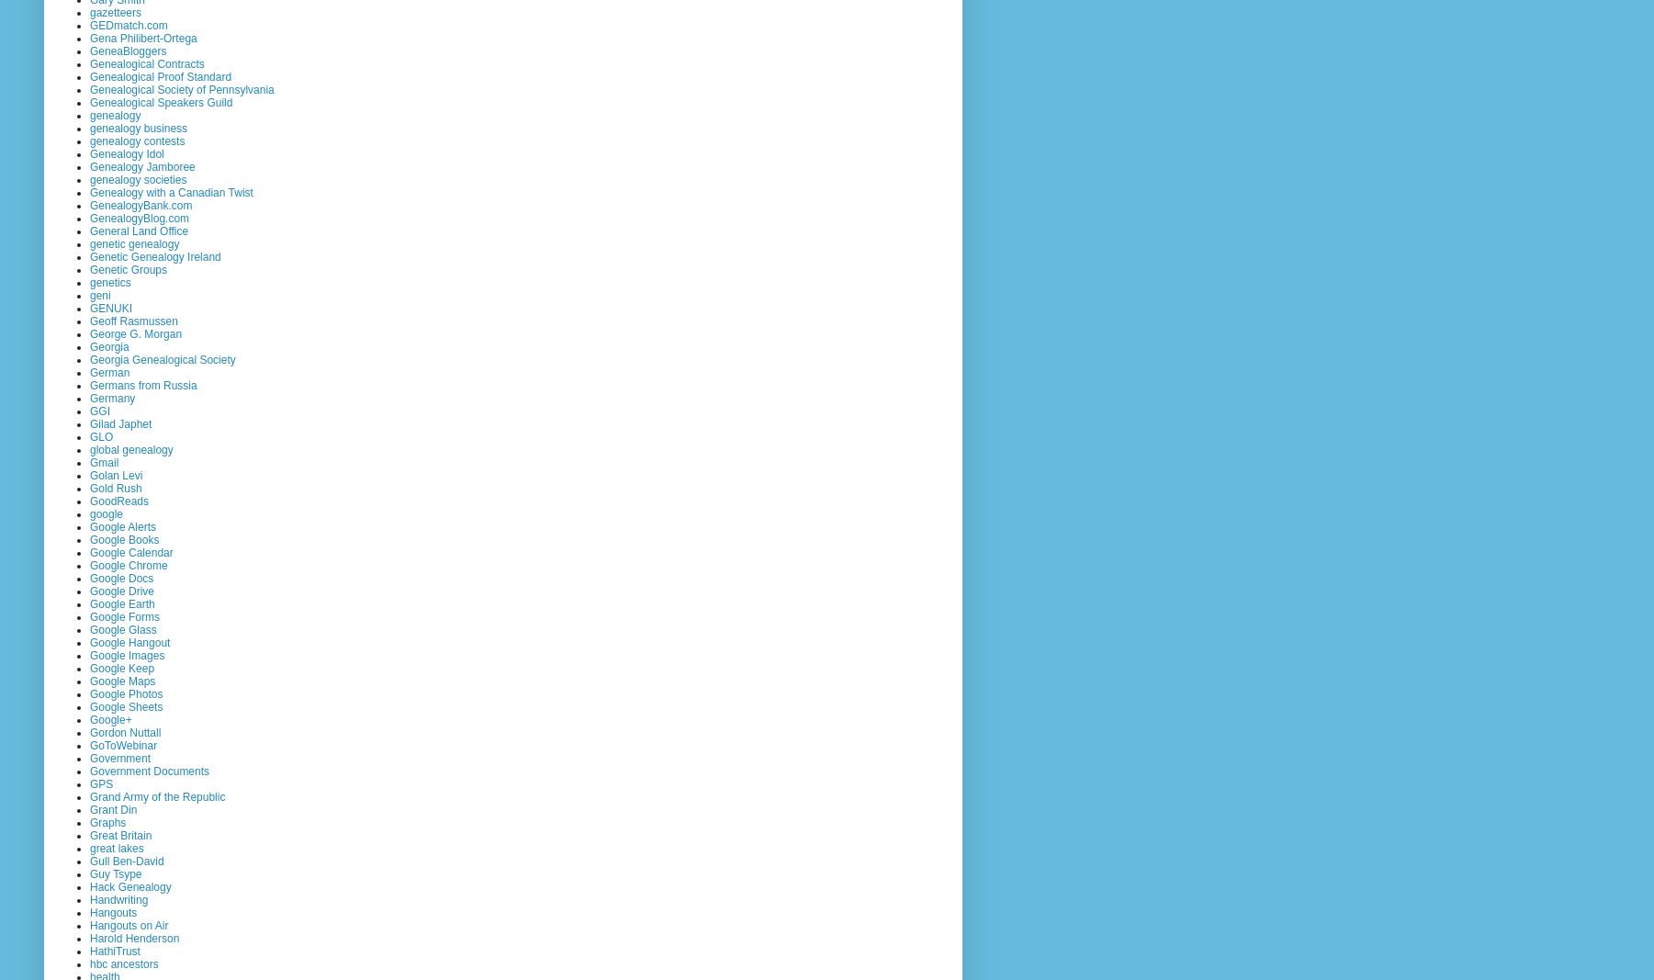 This screenshot has height=980, width=1654. What do you see at coordinates (104, 460) in the screenshot?
I see `'Gmail'` at bounding box center [104, 460].